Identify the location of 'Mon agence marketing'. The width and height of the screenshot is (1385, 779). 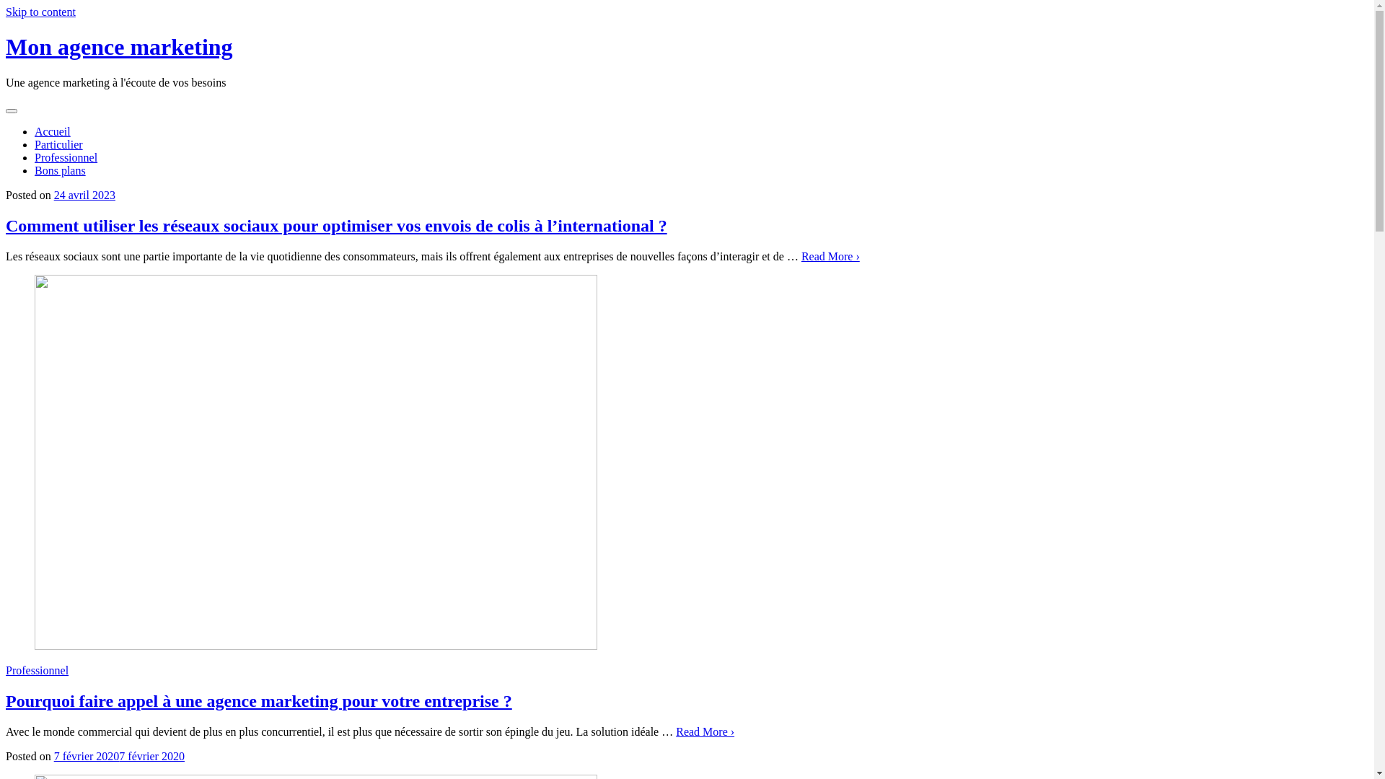
(119, 46).